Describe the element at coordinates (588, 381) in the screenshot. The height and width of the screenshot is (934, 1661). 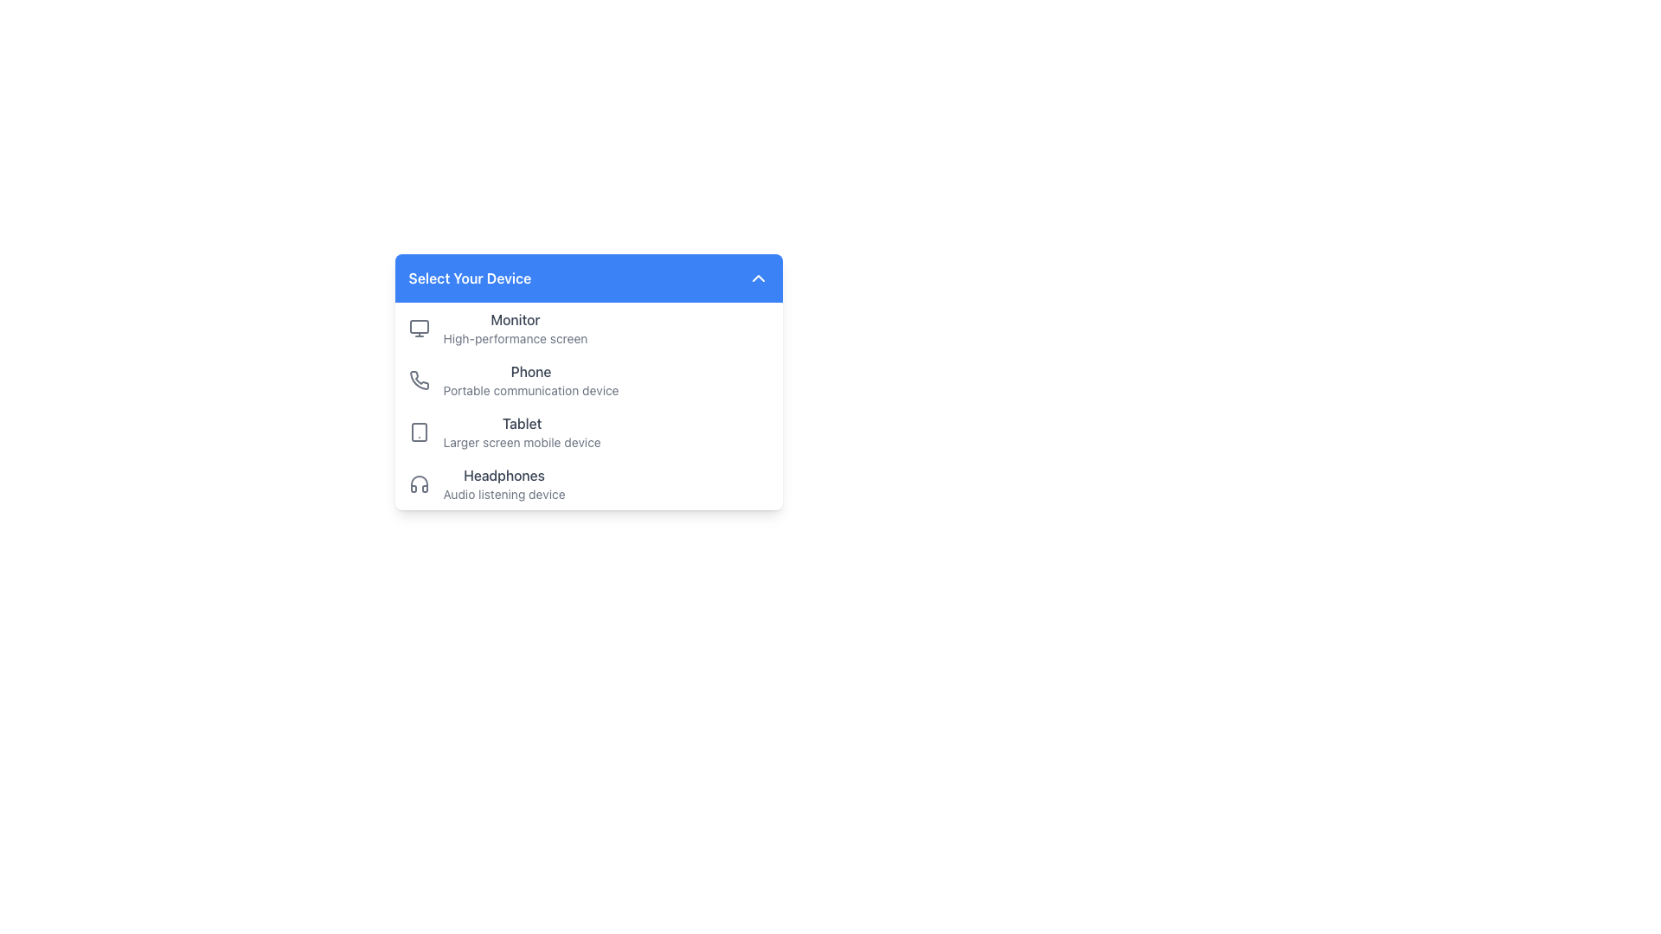
I see `the 'Phone' option in the selection list` at that location.